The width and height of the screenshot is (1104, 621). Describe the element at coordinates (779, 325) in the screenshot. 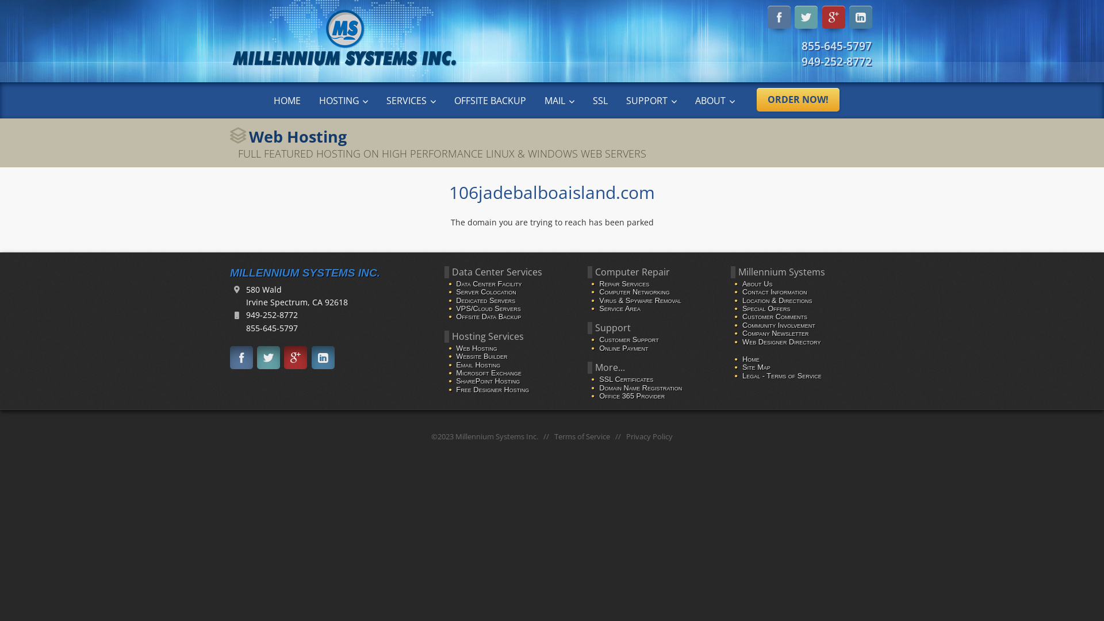

I see `'Community Involvement'` at that location.